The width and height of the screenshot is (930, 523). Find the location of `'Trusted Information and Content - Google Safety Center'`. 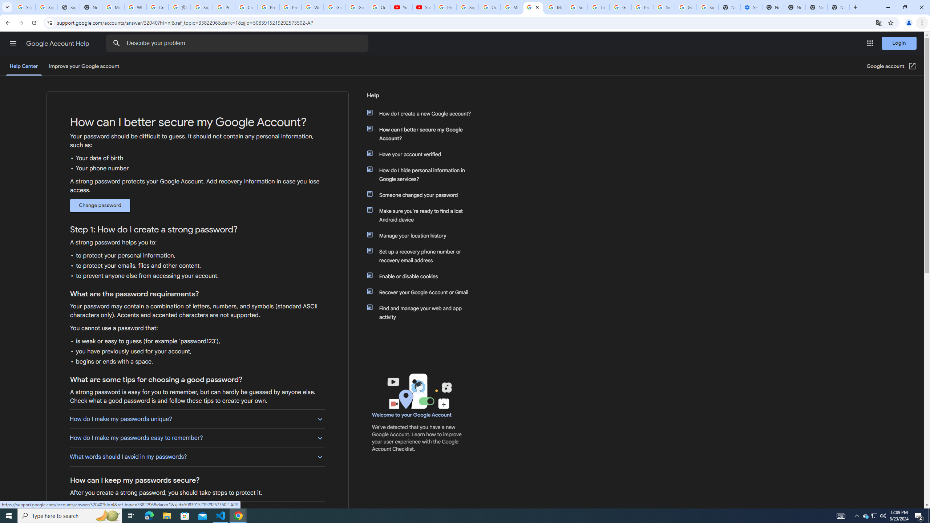

'Trusted Information and Content - Google Safety Center' is located at coordinates (598, 7).